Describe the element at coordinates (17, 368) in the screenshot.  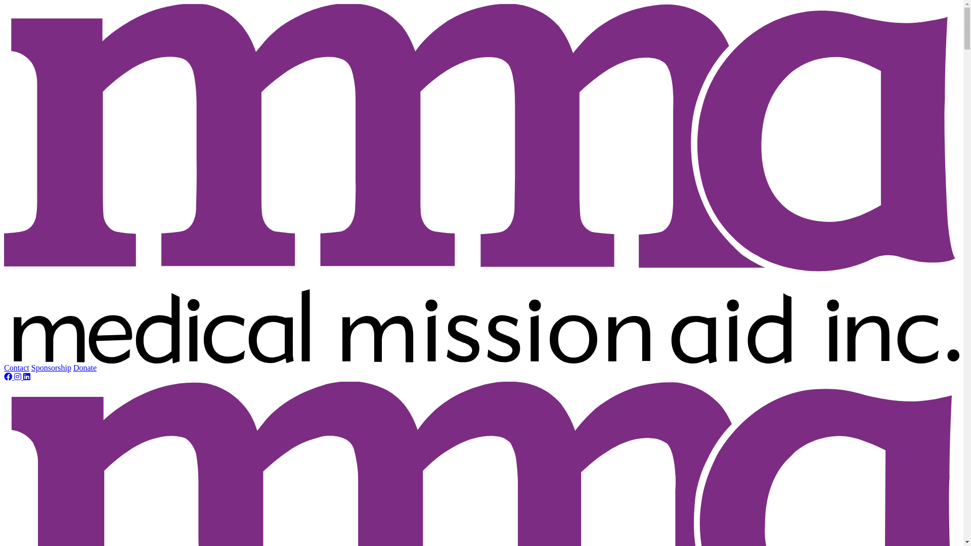
I see `'Contact'` at that location.